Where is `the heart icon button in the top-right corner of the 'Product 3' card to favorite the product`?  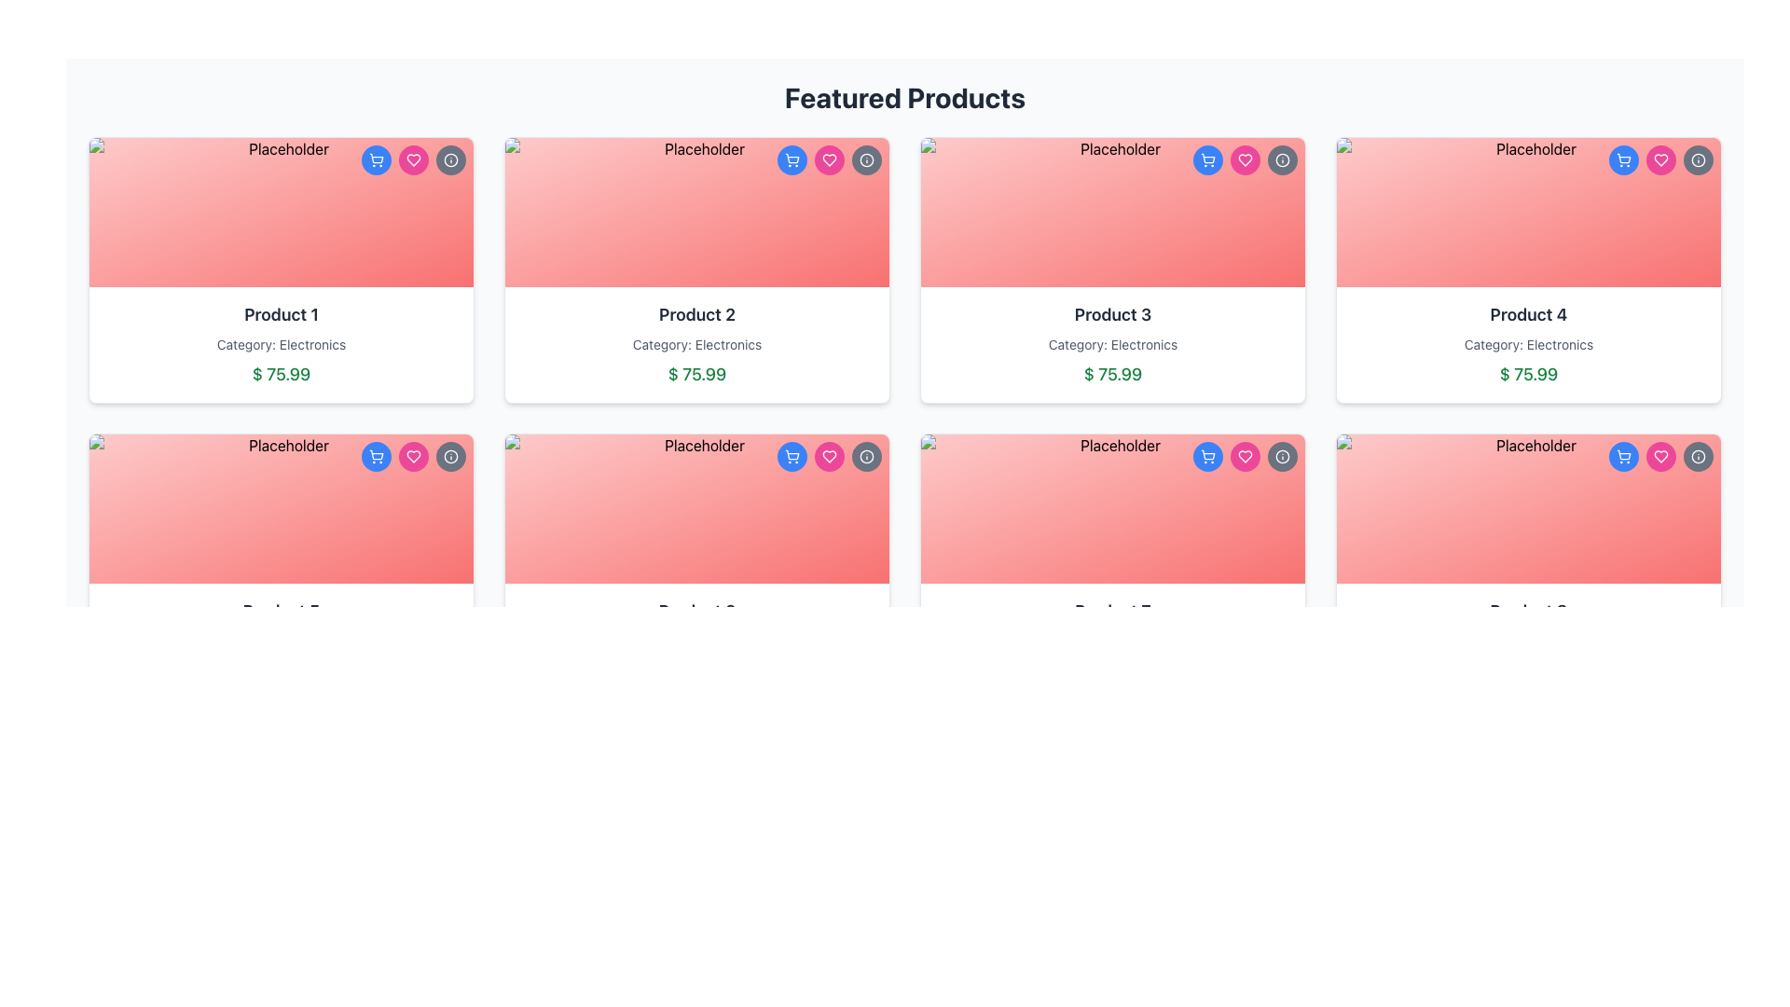
the heart icon button in the top-right corner of the 'Product 3' card to favorite the product is located at coordinates (1245, 456).